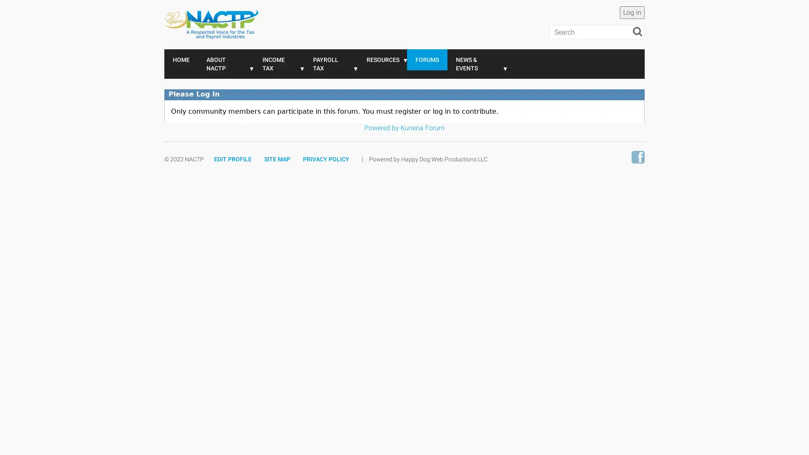  What do you see at coordinates (632, 13) in the screenshot?
I see `Log in` at bounding box center [632, 13].